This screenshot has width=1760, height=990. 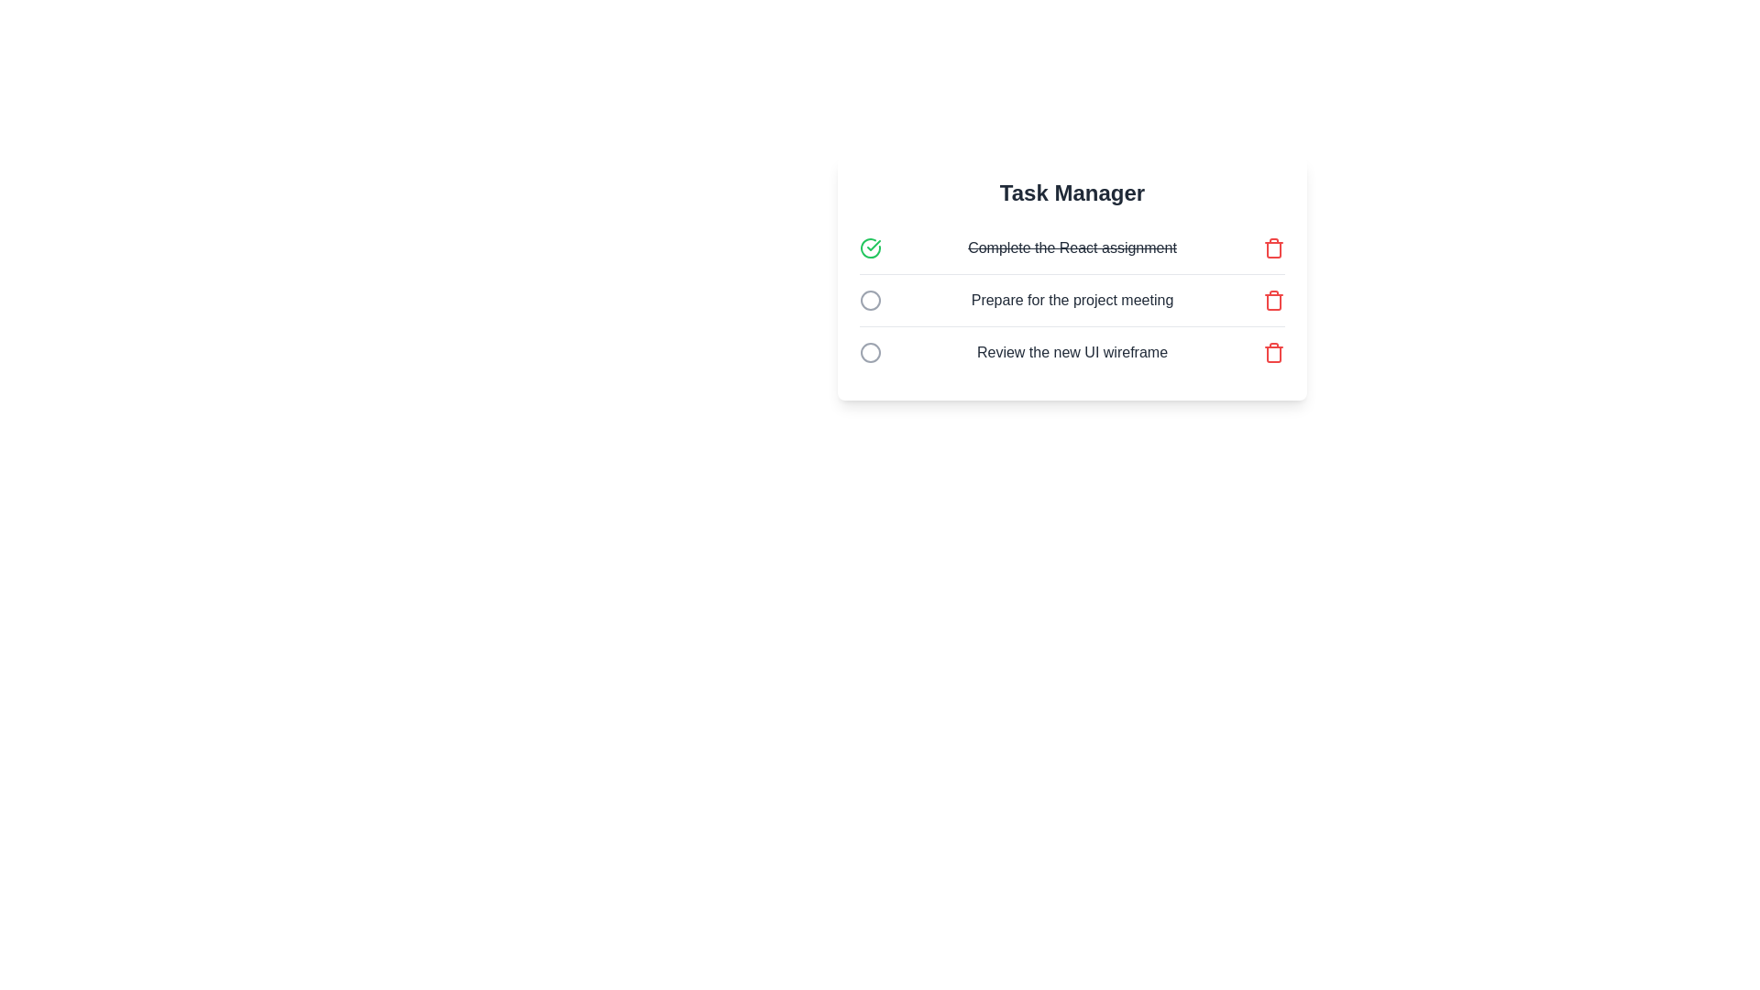 What do you see at coordinates (1072, 247) in the screenshot?
I see `the task title Complete the React assignment to read its content` at bounding box center [1072, 247].